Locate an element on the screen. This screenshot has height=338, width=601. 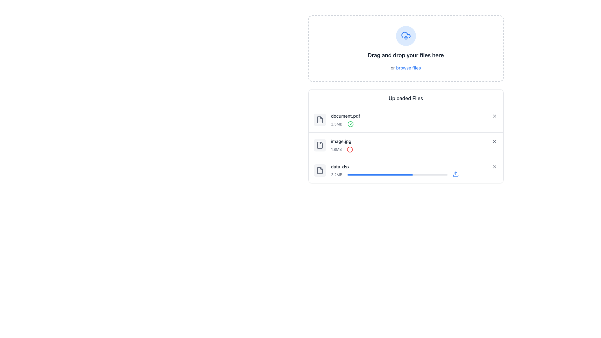
the gray document icon with a folded corner located in the file upload section to identify the file type or status is located at coordinates (320, 170).